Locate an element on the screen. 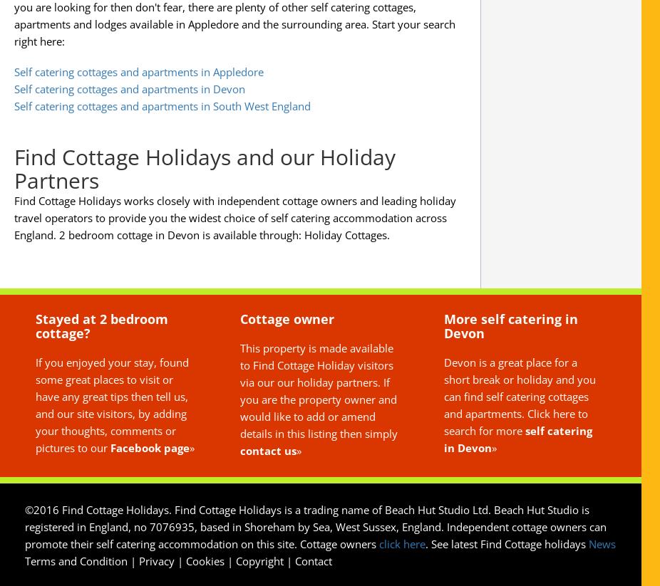 This screenshot has height=586, width=660. 'Find Cottage Holidays and our Holiday Partners' is located at coordinates (205, 168).